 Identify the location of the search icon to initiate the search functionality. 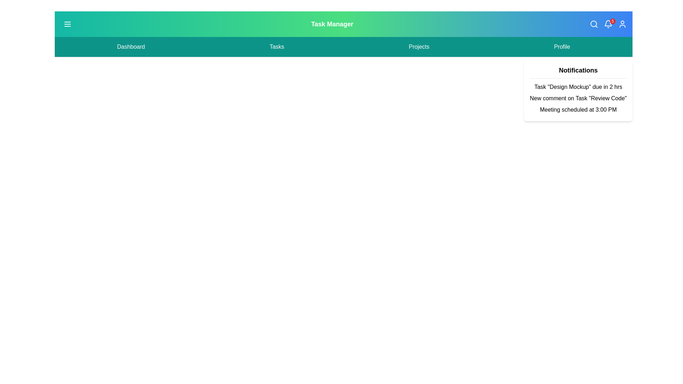
(594, 24).